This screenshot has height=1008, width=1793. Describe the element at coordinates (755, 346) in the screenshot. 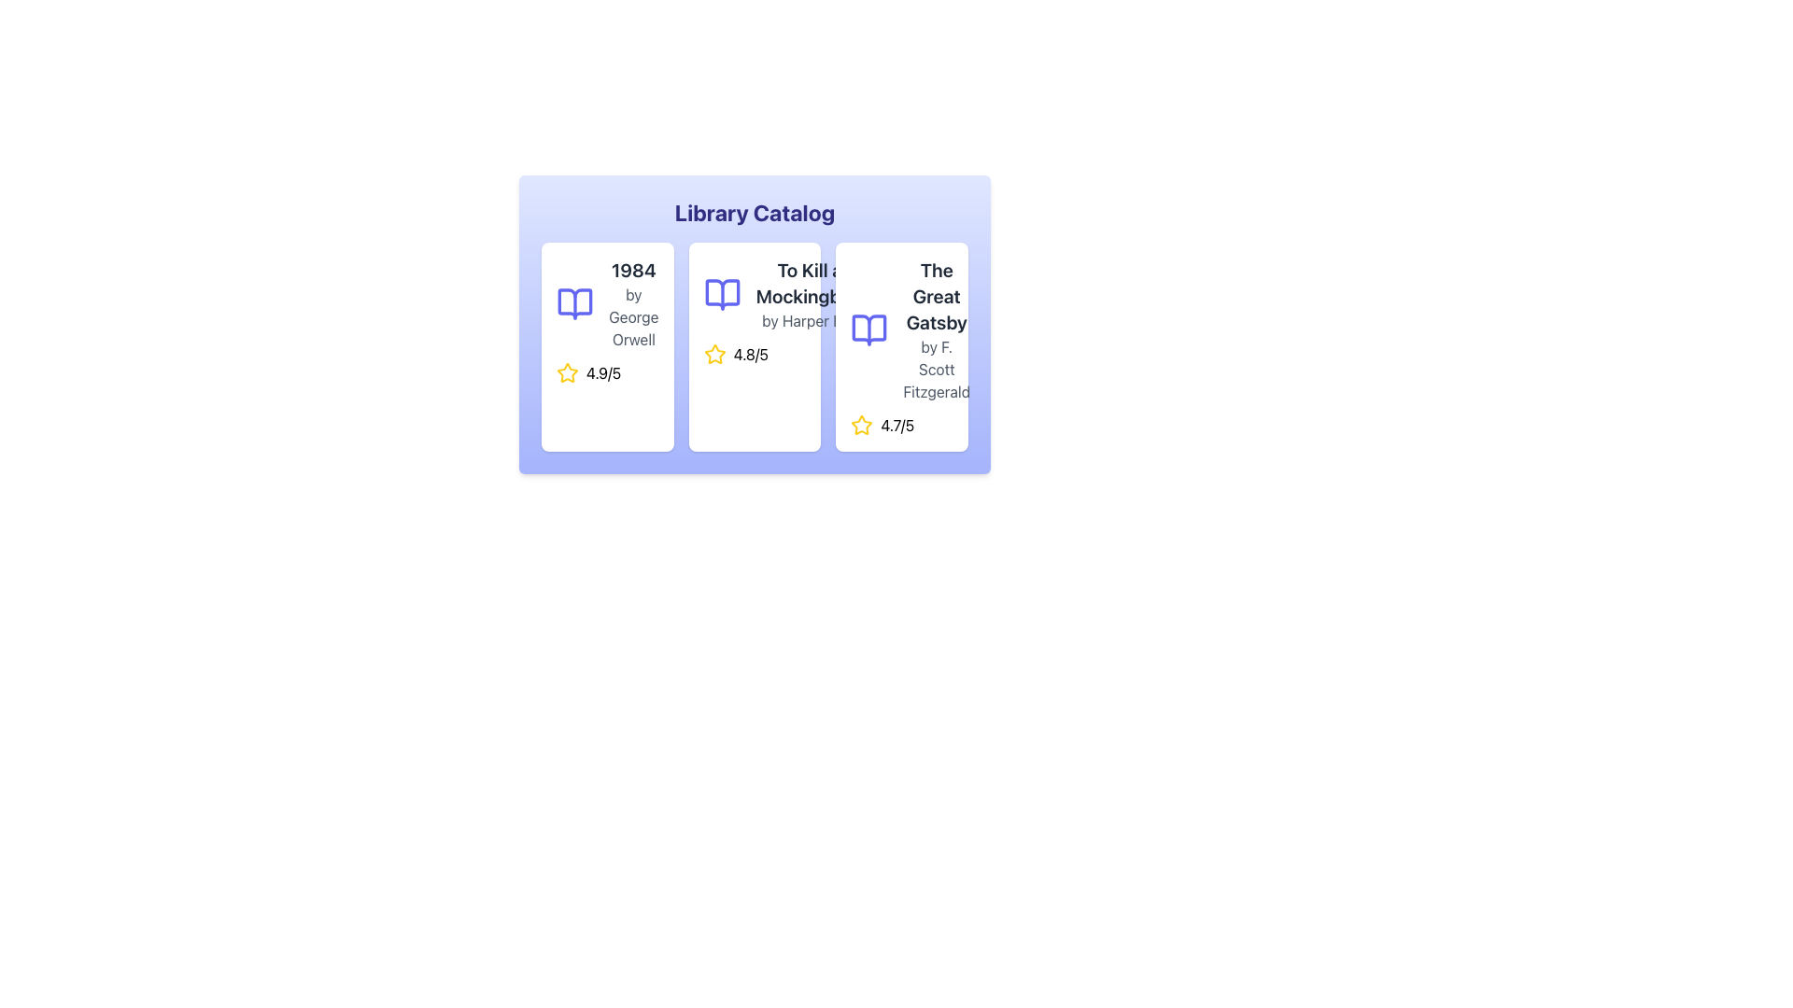

I see `the rating display for the book 'To Kill a Mockingbird', which is located in the center column of the second card, beneath the title and author information` at that location.